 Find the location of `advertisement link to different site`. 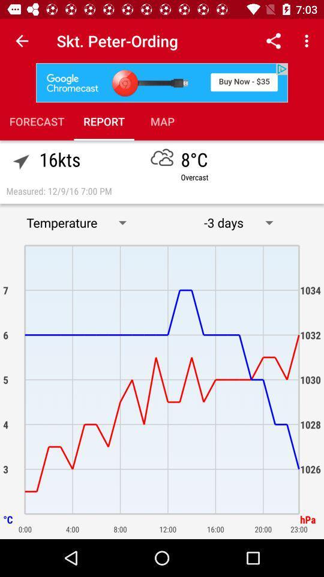

advertisement link to different site is located at coordinates (162, 82).